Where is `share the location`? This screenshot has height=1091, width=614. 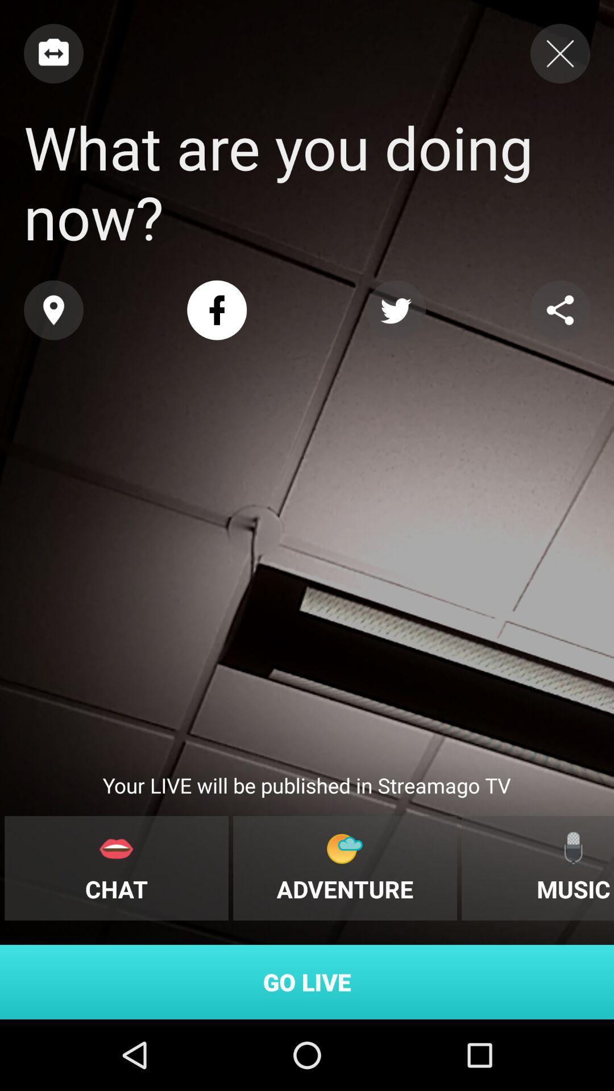
share the location is located at coordinates (53, 310).